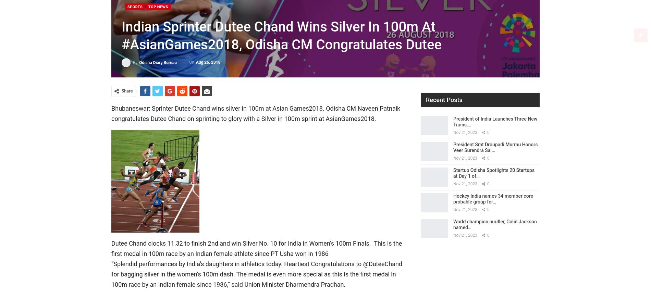 The image size is (651, 297). What do you see at coordinates (255, 113) in the screenshot?
I see `'Bhubaneswar: Sprinter Dutee Chand wins silver in 100m at Asian Games2018. Odisha CM Naveen Patnaik congratulates Dutee Chand on sprinting to glory with a Silver in 100m sprint at AsianGames2018.'` at bounding box center [255, 113].